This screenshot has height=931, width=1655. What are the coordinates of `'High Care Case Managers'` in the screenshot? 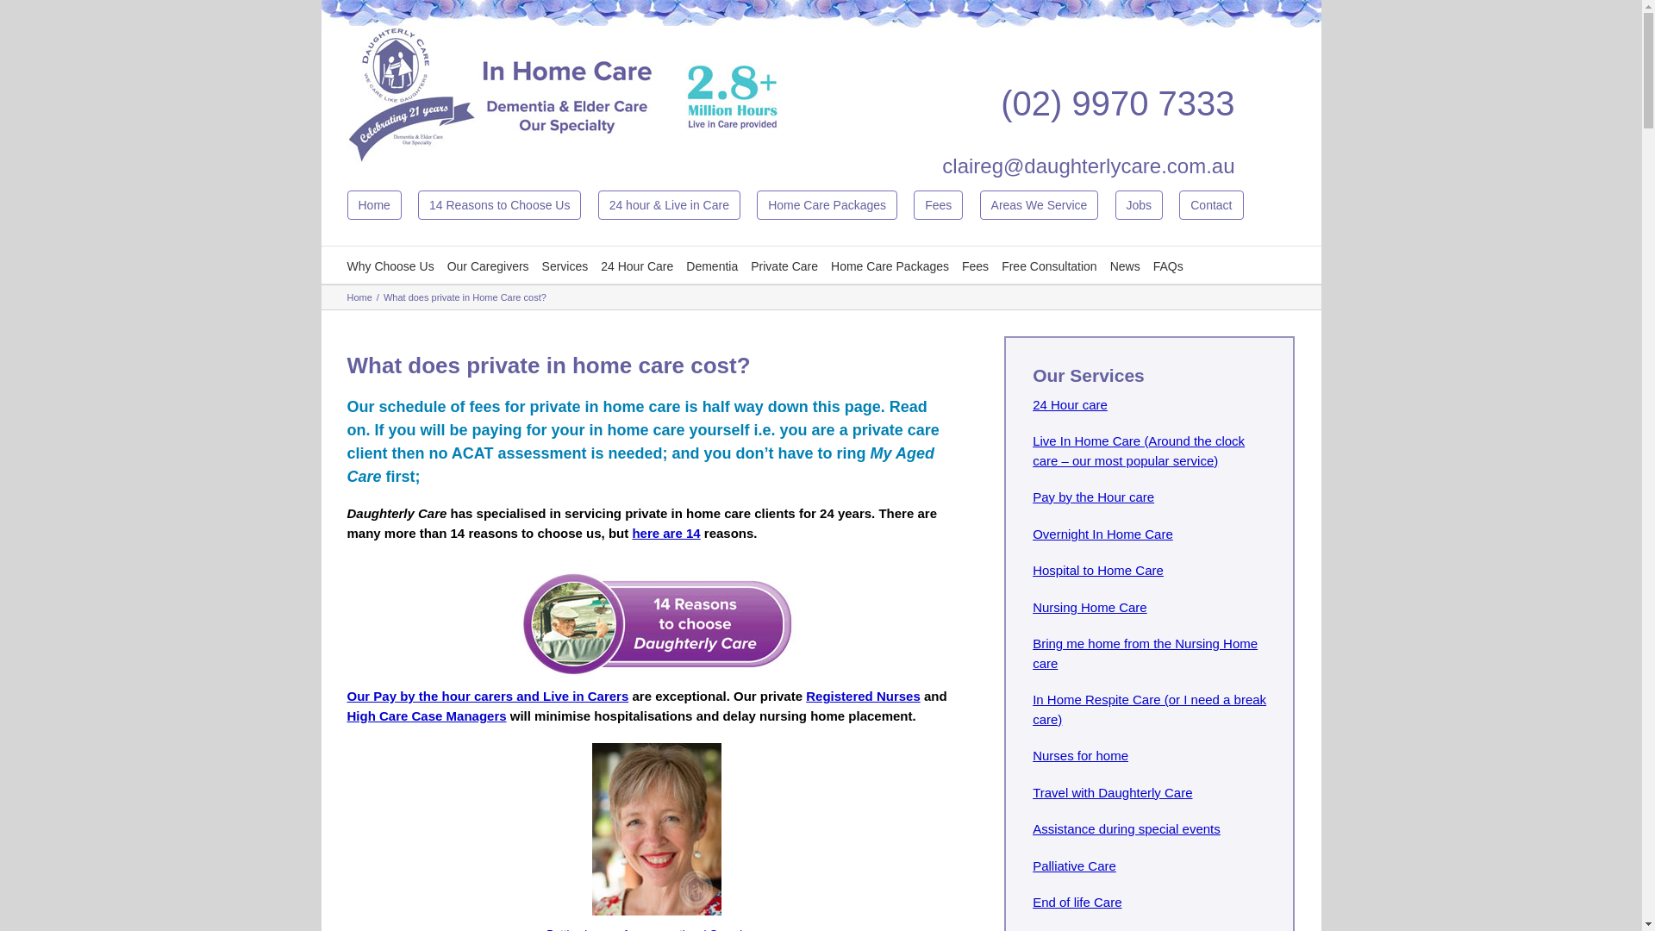 It's located at (346, 715).